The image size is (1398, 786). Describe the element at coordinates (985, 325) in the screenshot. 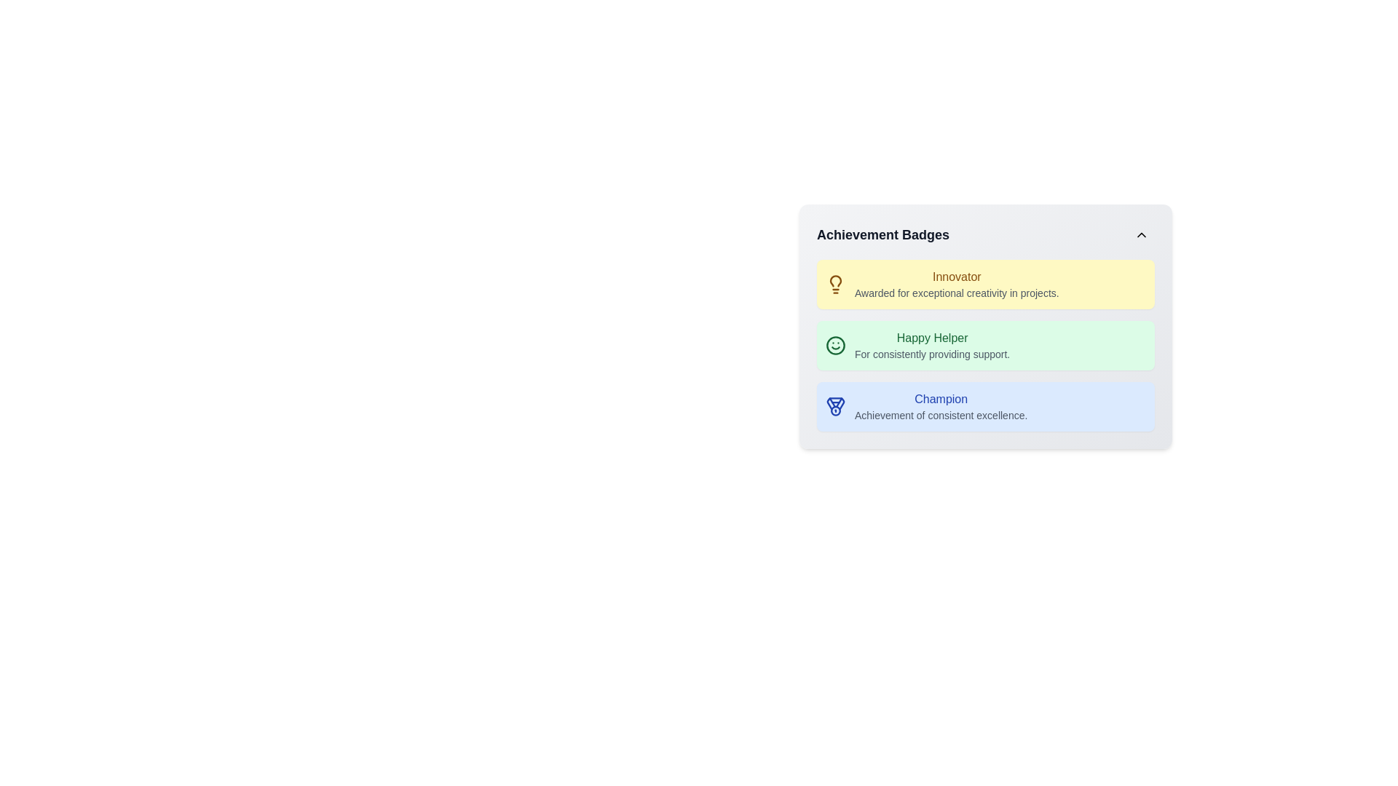

I see `the Informational card titled 'Happy Helper' with a light green background, positioned between the 'Innovator' badge and the 'Champion' badge in the list of achievement badges` at that location.